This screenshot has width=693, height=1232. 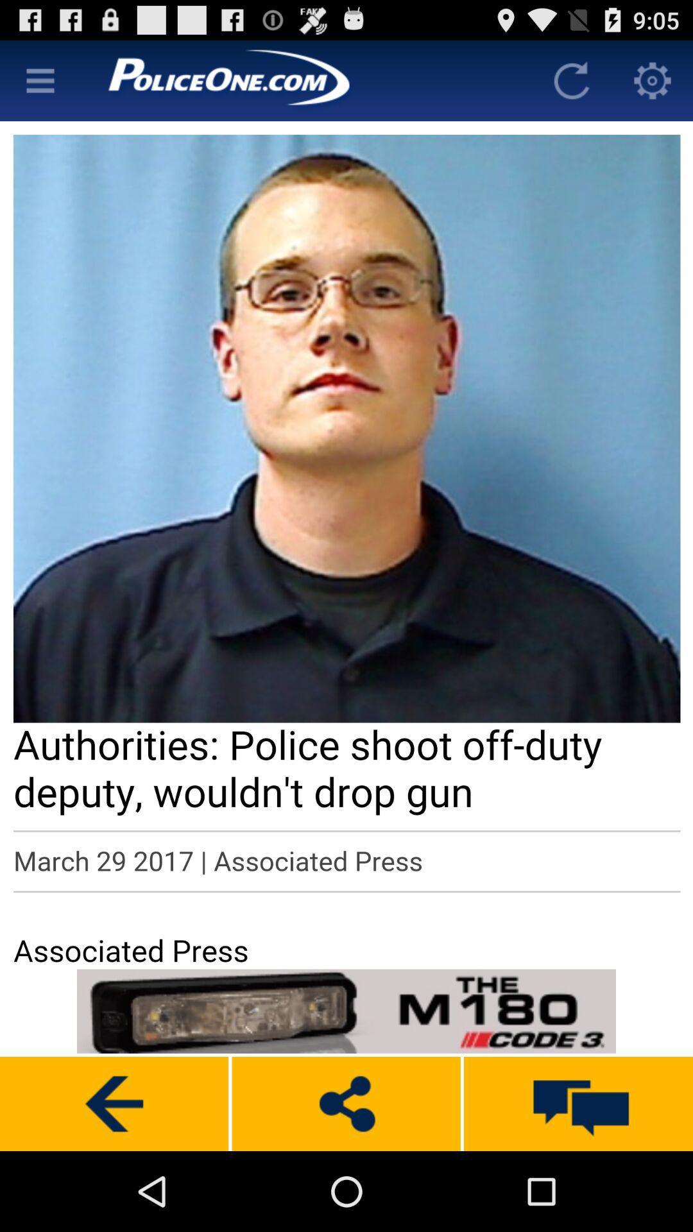 I want to click on open menu, so click(x=39, y=80).